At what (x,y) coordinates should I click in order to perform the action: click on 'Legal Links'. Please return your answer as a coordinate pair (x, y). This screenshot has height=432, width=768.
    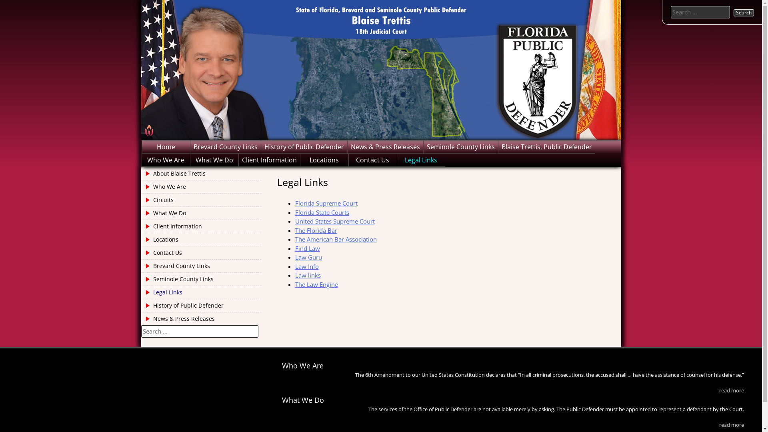
    Looking at the image, I should click on (201, 292).